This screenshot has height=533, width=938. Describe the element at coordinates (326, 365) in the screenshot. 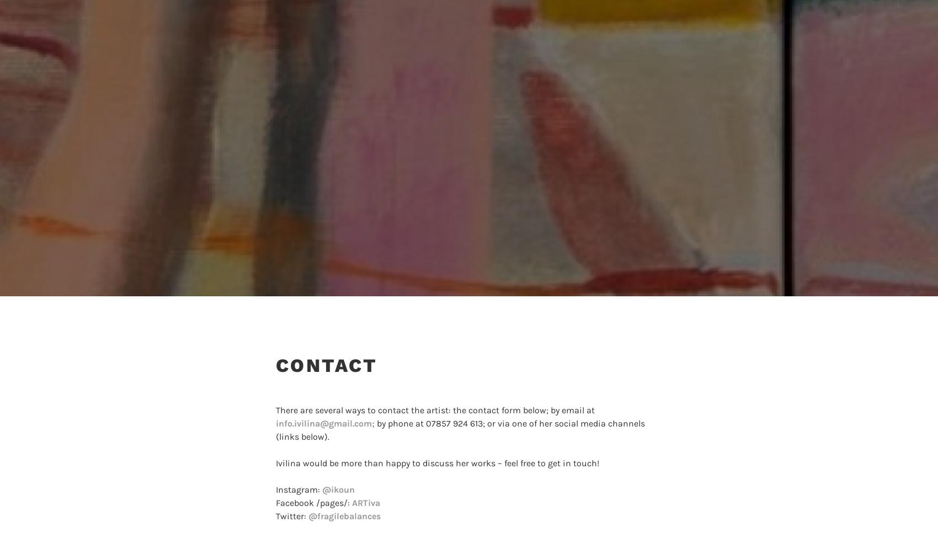

I see `'Contact'` at that location.